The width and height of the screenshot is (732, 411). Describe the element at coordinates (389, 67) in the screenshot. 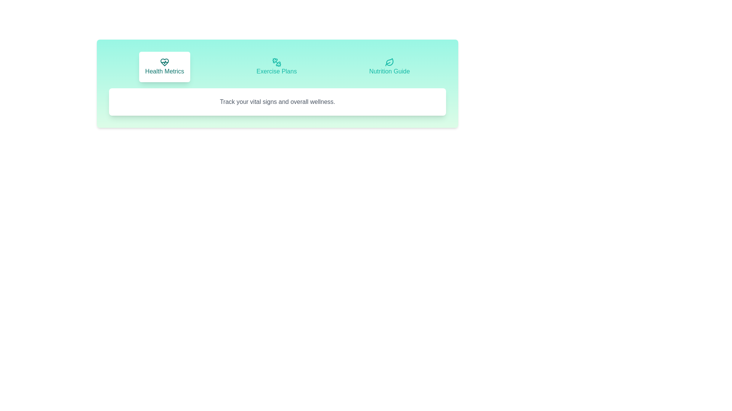

I see `the tab button labeled Nutrition Guide` at that location.